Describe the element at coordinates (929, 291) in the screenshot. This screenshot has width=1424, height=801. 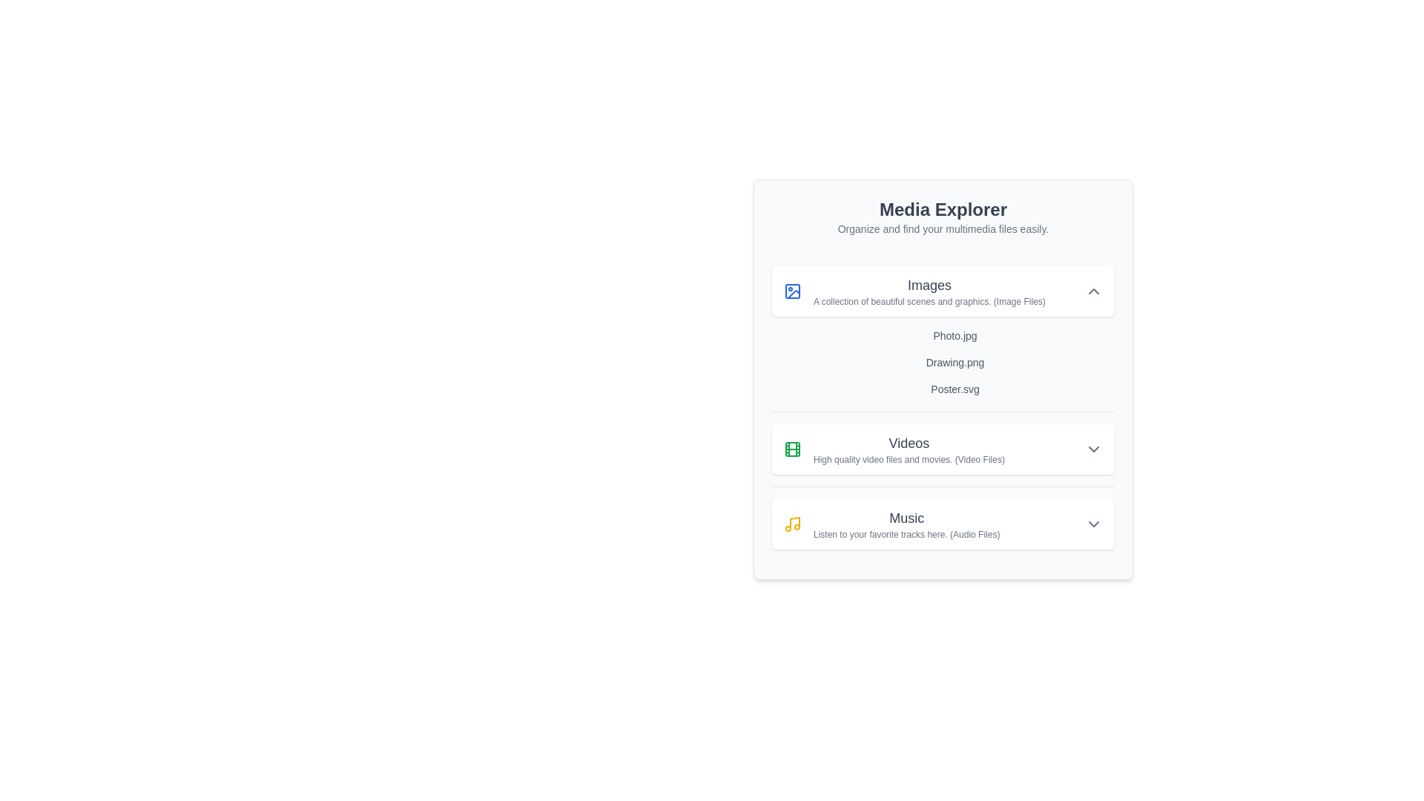
I see `the header 'Images' of the Text Label with Description` at that location.